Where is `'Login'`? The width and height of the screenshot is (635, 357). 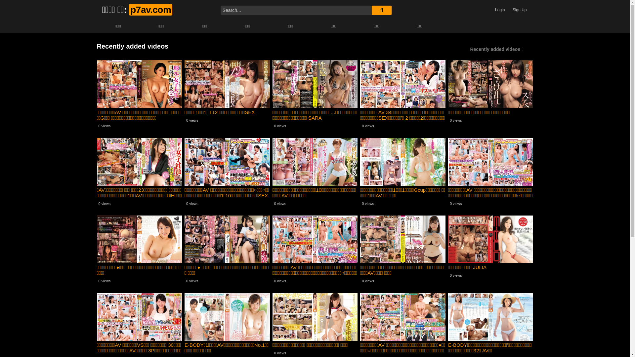
'Login' is located at coordinates (500, 10).